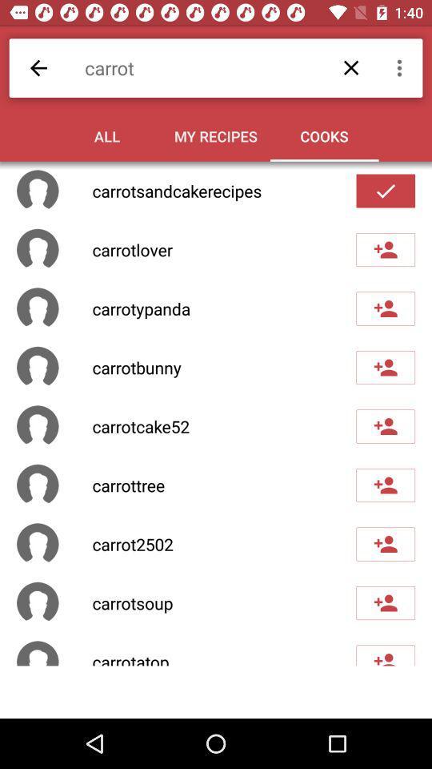 The height and width of the screenshot is (769, 432). What do you see at coordinates (385, 425) in the screenshot?
I see `a cook` at bounding box center [385, 425].